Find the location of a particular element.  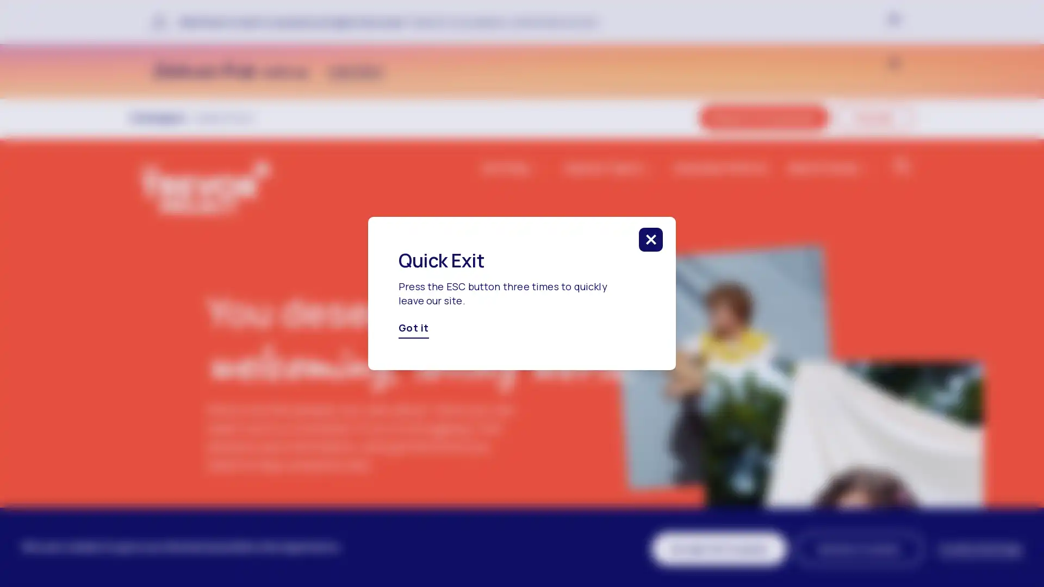

Accept All Cookies is located at coordinates (718, 549).